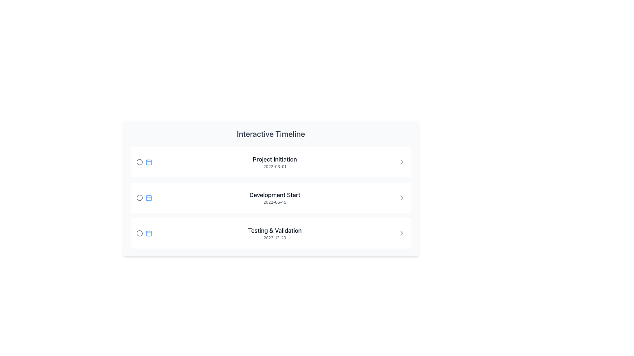 The height and width of the screenshot is (356, 634). What do you see at coordinates (275, 230) in the screenshot?
I see `text element displaying 'Testing & Validation' which is the first line of text in the third row of the timeline view, positioned above the date '2022-12-20'` at bounding box center [275, 230].